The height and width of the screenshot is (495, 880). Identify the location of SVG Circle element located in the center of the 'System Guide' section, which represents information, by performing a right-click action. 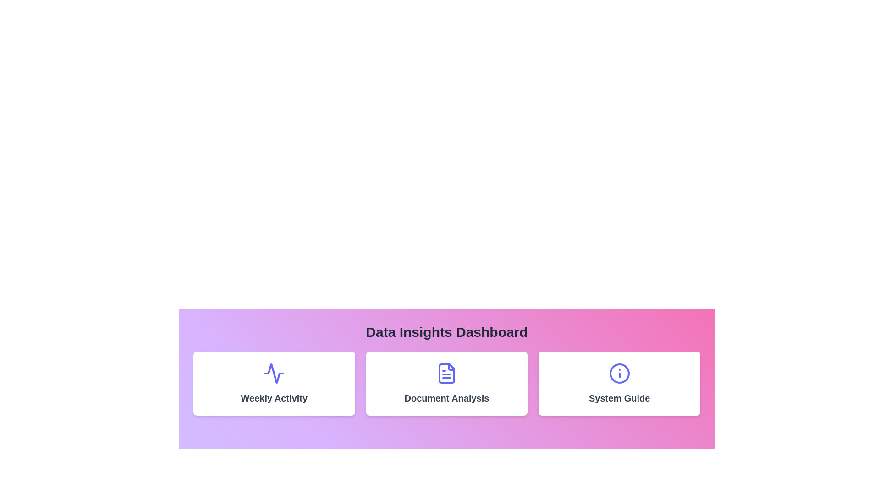
(619, 373).